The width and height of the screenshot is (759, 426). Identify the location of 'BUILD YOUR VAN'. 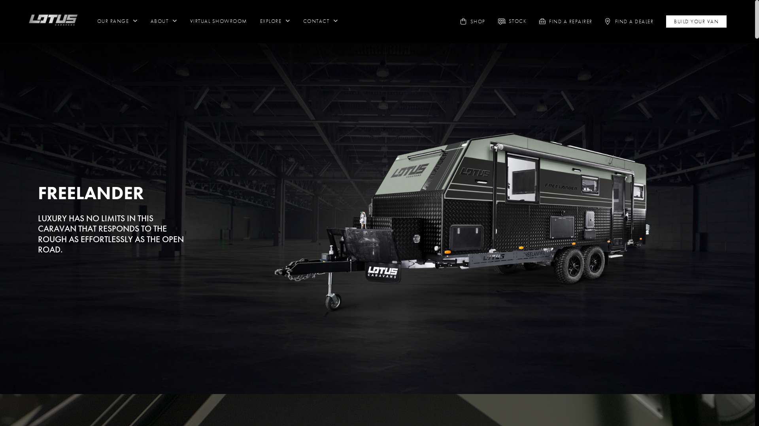
(696, 21).